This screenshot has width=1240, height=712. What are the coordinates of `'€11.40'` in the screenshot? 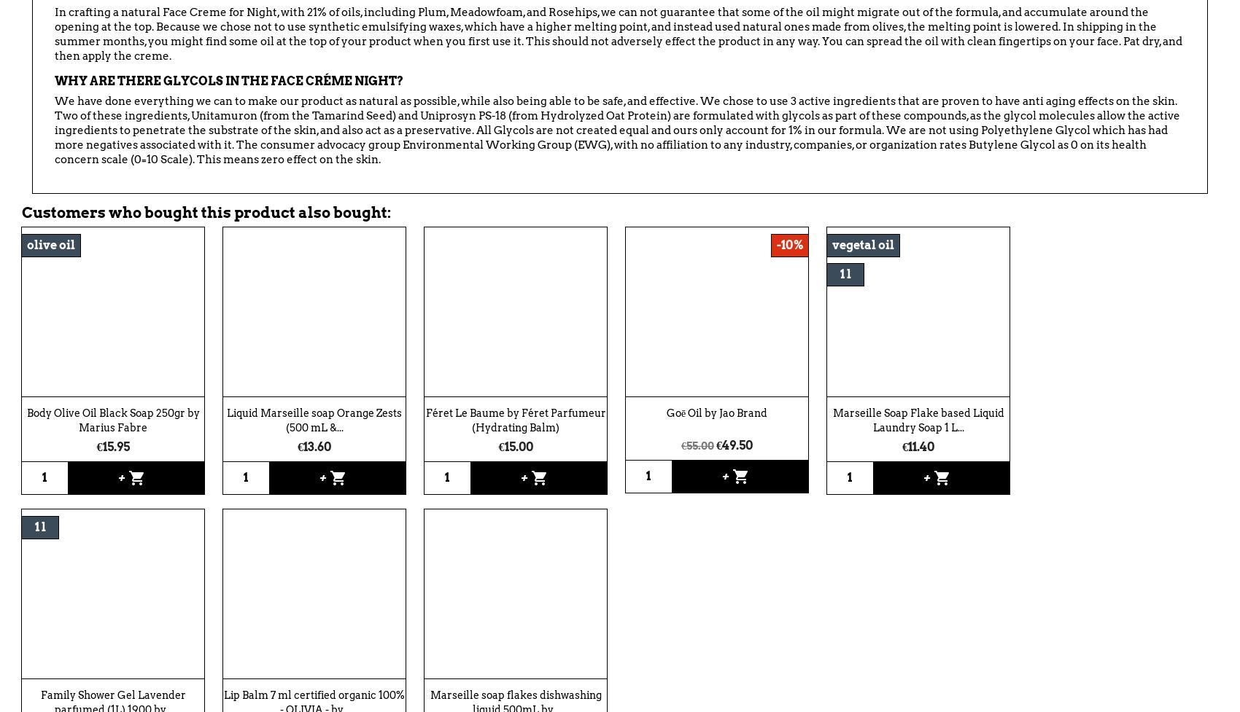 It's located at (918, 445).